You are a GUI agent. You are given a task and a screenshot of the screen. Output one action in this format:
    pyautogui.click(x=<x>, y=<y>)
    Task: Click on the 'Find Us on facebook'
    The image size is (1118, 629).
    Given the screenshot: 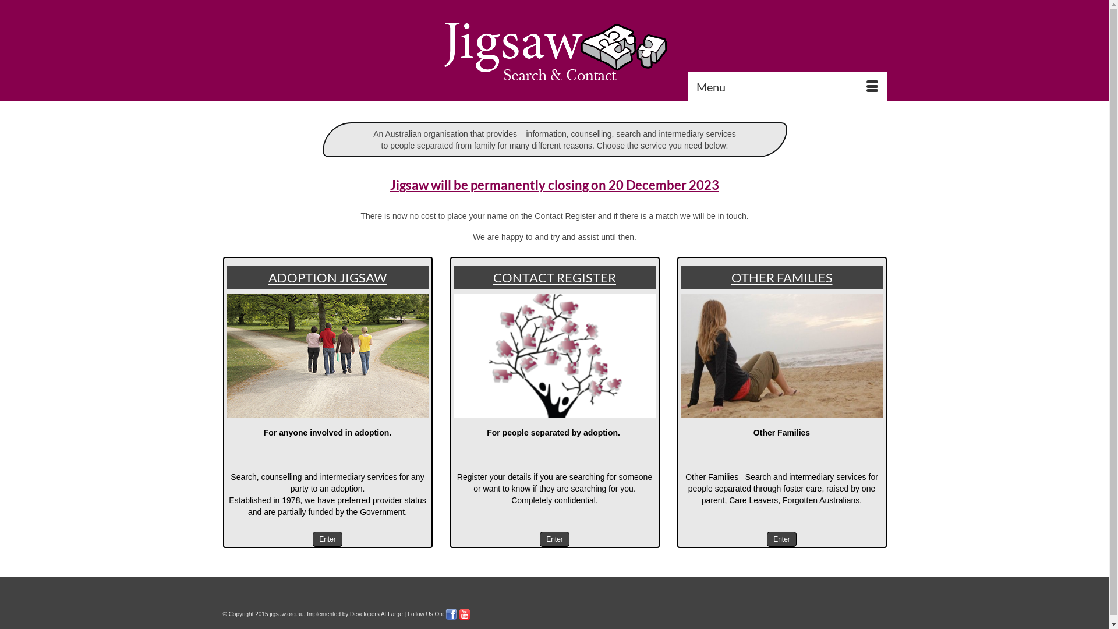 What is the action you would take?
    pyautogui.click(x=450, y=613)
    